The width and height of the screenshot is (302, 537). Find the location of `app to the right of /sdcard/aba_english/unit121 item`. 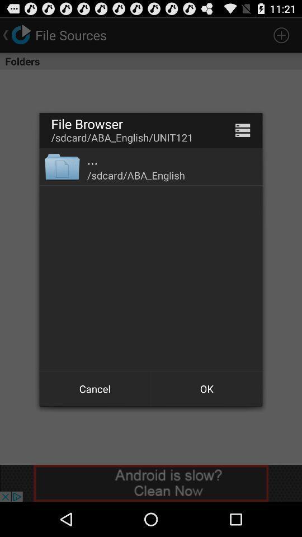

app to the right of /sdcard/aba_english/unit121 item is located at coordinates (242, 130).